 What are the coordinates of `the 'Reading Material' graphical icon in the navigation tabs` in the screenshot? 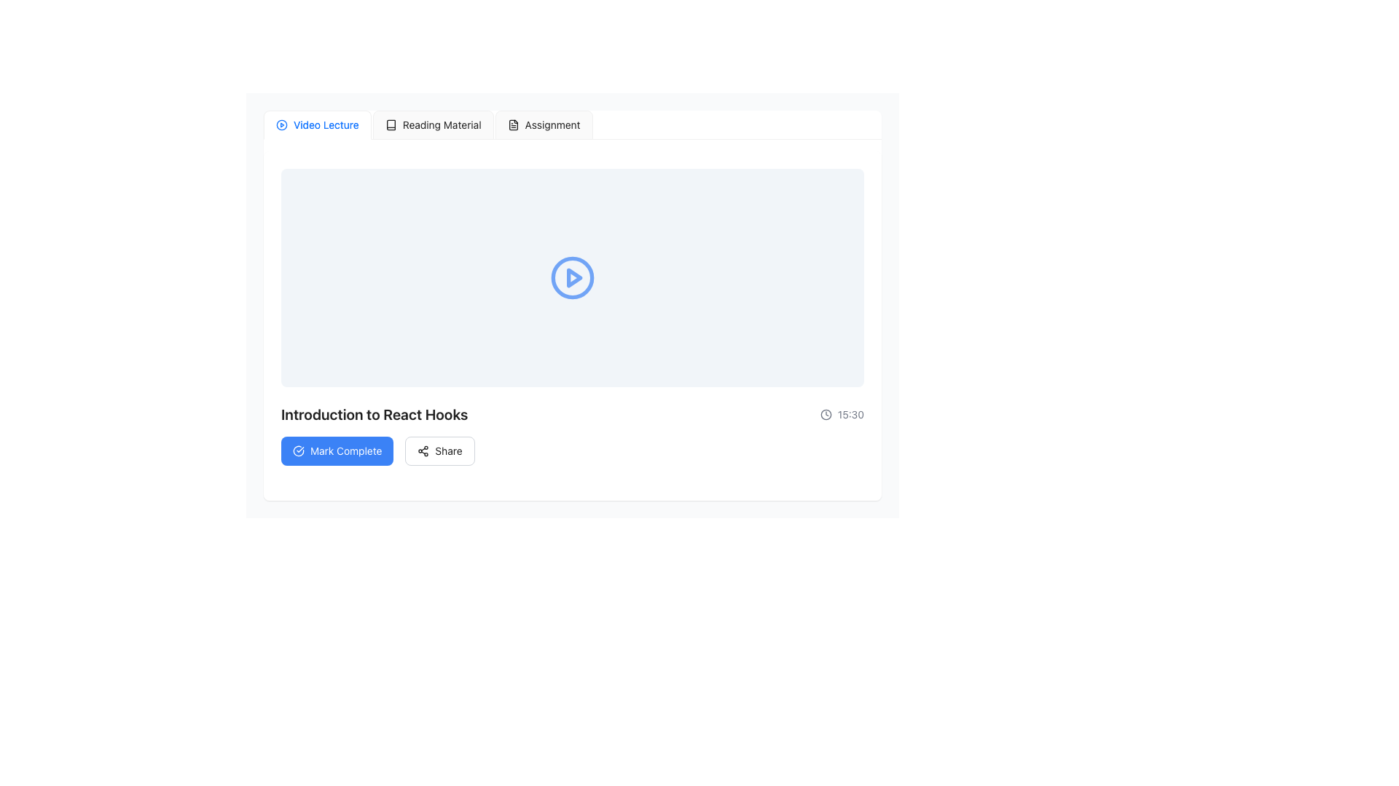 It's located at (391, 124).